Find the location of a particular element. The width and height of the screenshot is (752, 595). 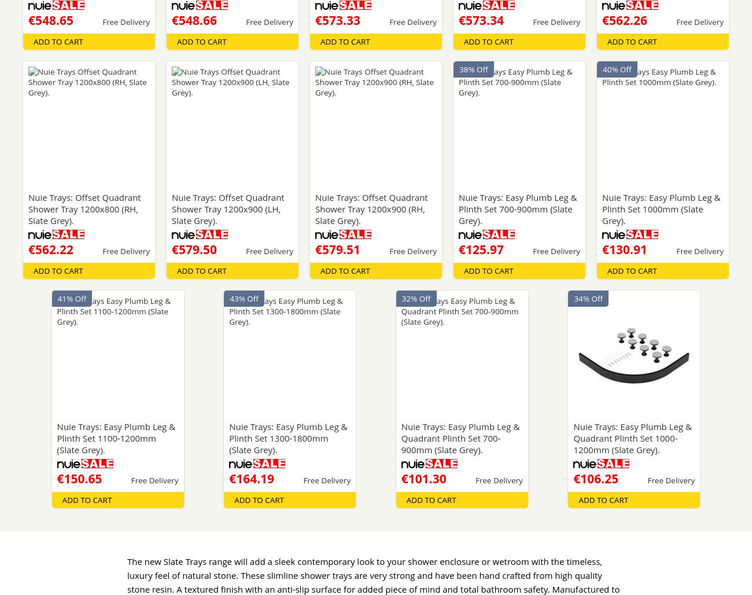

'41% Off' is located at coordinates (71, 298).